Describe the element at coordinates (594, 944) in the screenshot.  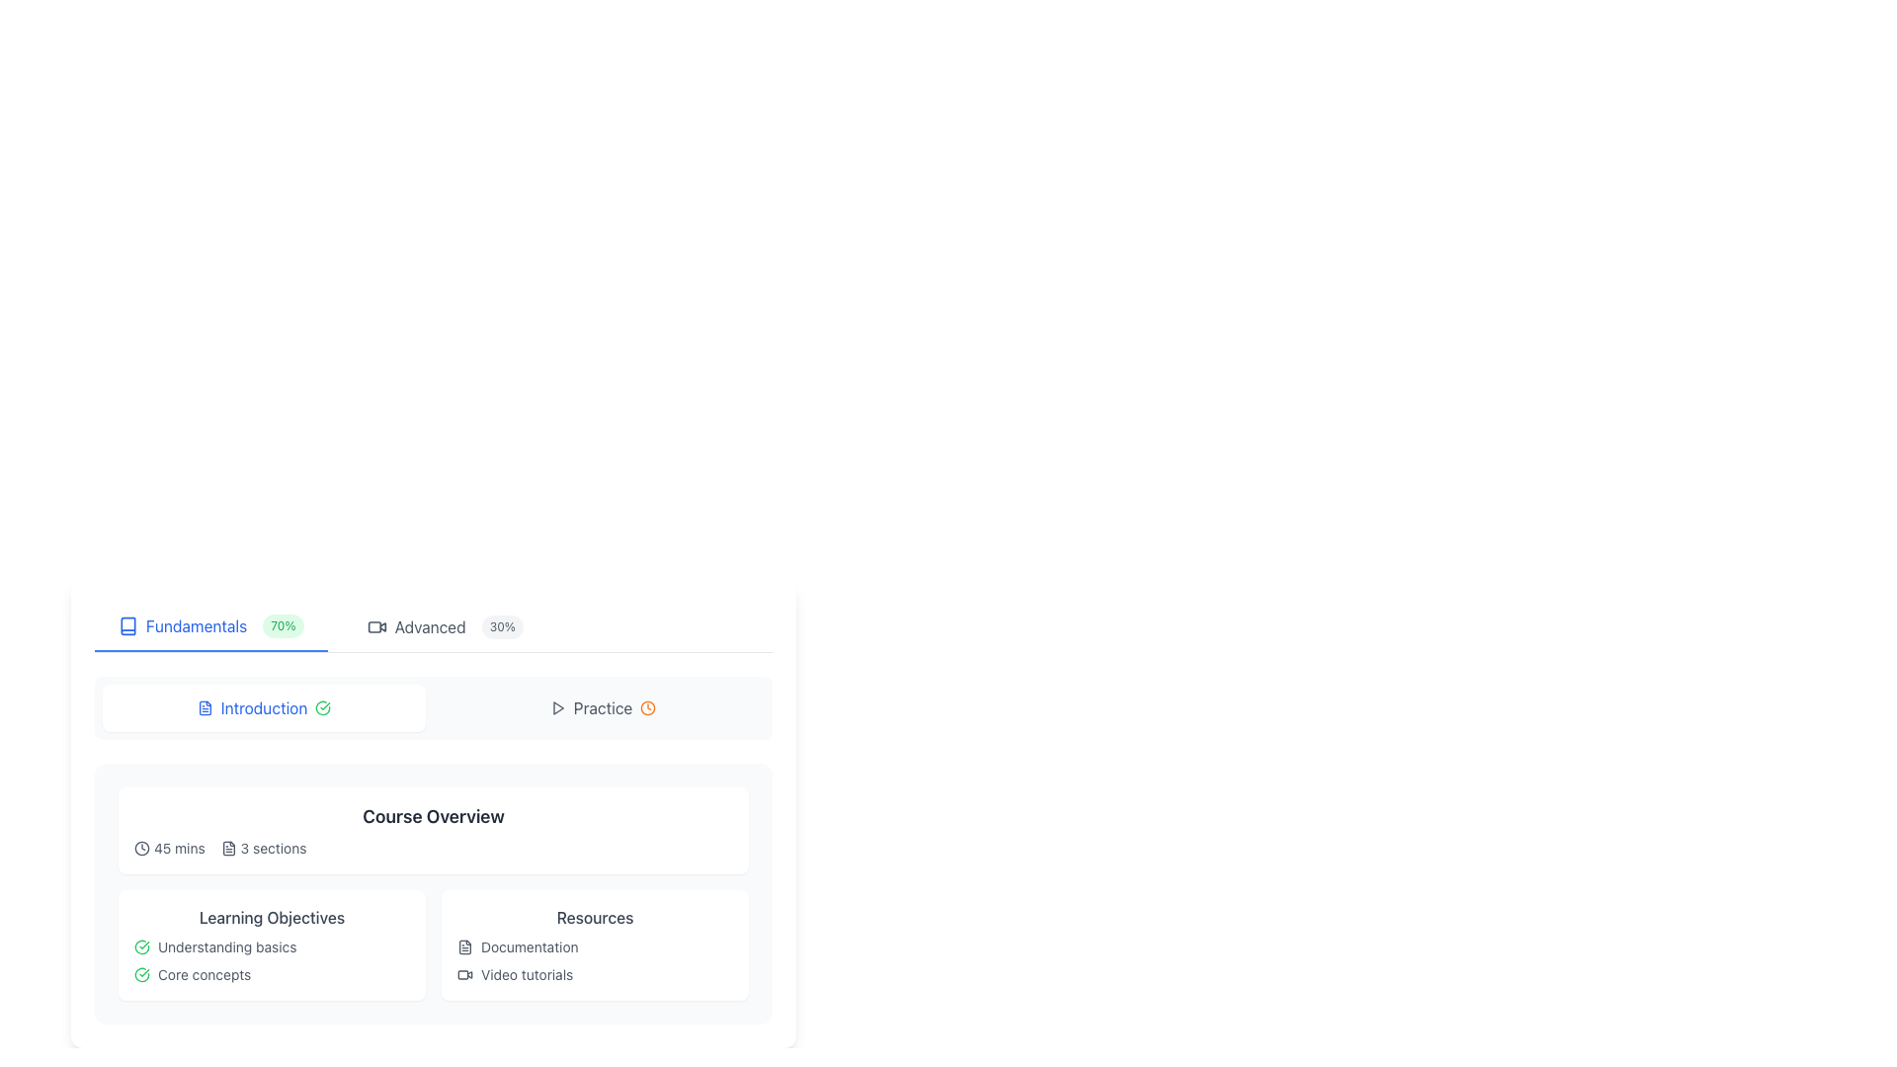
I see `the 'Documentation' link in the resource card located in the bottom-right corner of the two-column grid layout` at that location.